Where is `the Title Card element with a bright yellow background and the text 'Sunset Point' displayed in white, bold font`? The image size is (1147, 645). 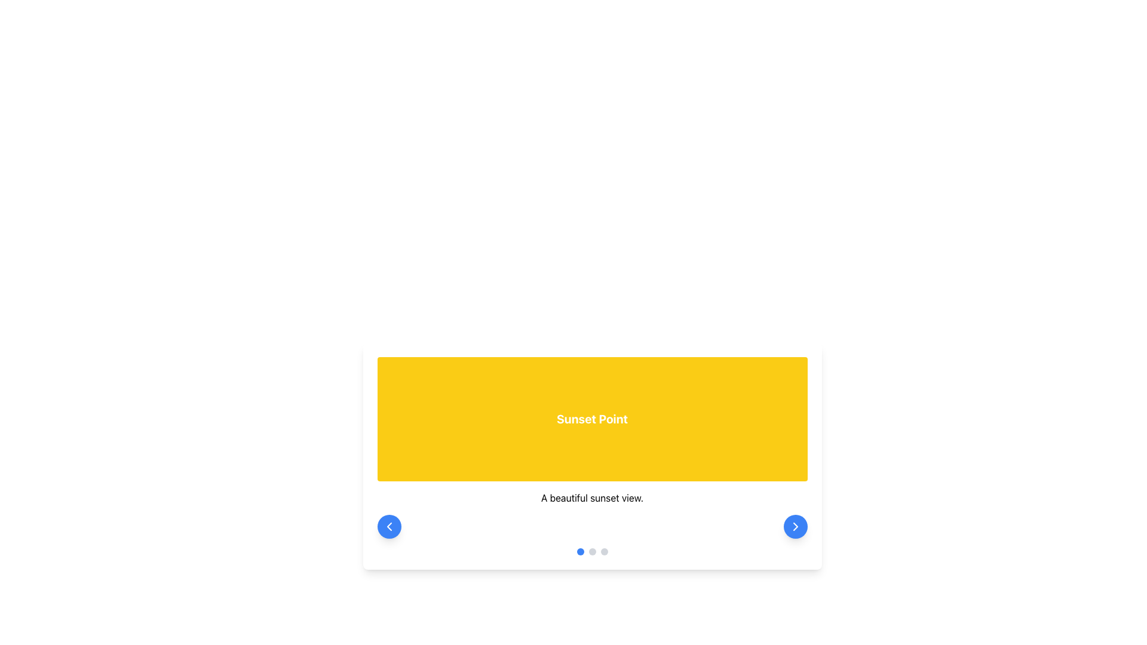
the Title Card element with a bright yellow background and the text 'Sunset Point' displayed in white, bold font is located at coordinates (592, 419).